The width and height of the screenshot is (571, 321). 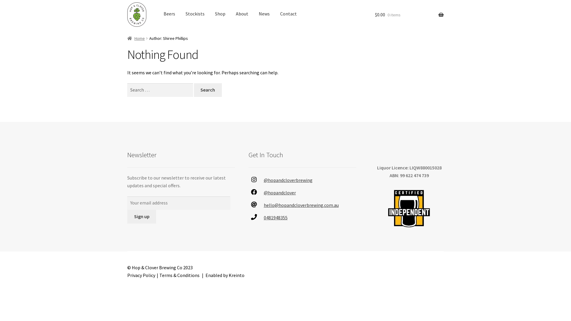 I want to click on 'Skip to navigation', so click(x=127, y=2).